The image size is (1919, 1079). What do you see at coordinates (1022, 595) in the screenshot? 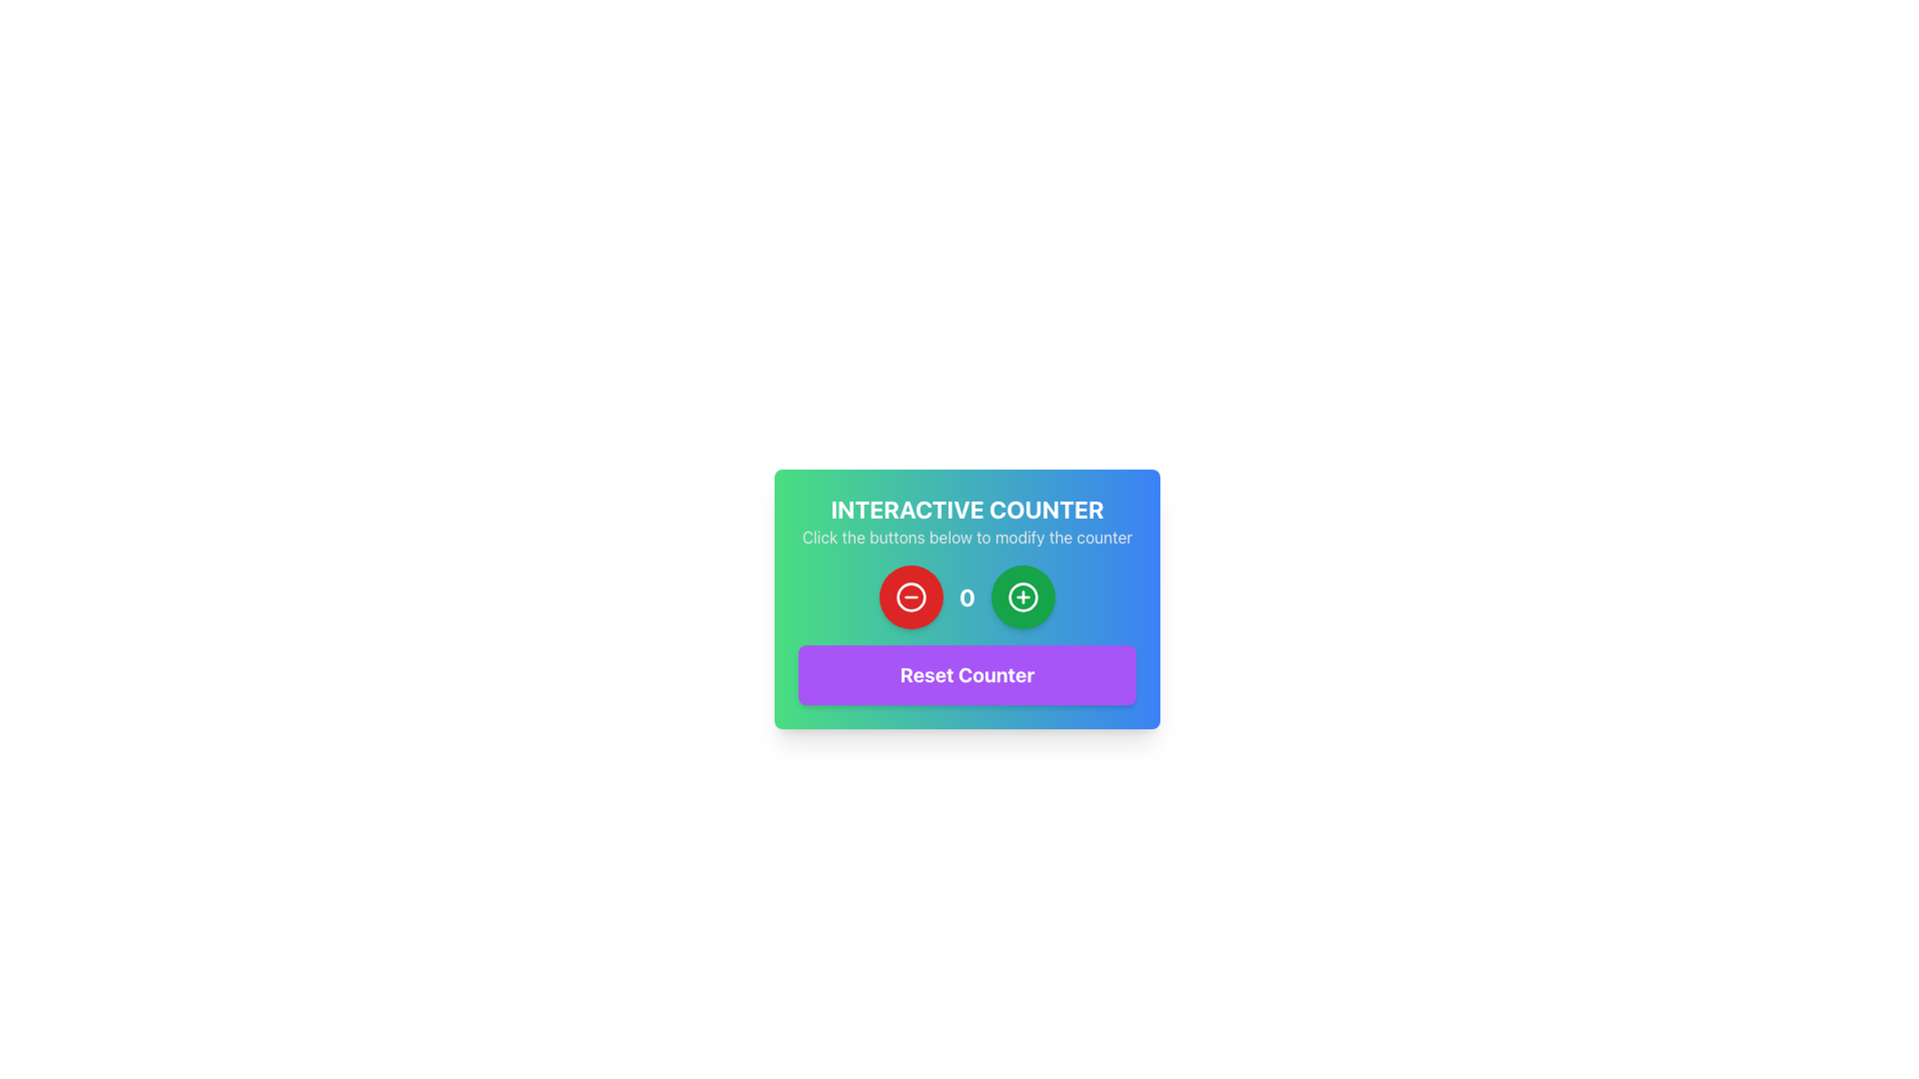
I see `the graphical representation of the circular visual component, which is a circular element with a white border and a cross shape in the center, located inside a green circle on the right side of the central counter interface` at bounding box center [1022, 595].